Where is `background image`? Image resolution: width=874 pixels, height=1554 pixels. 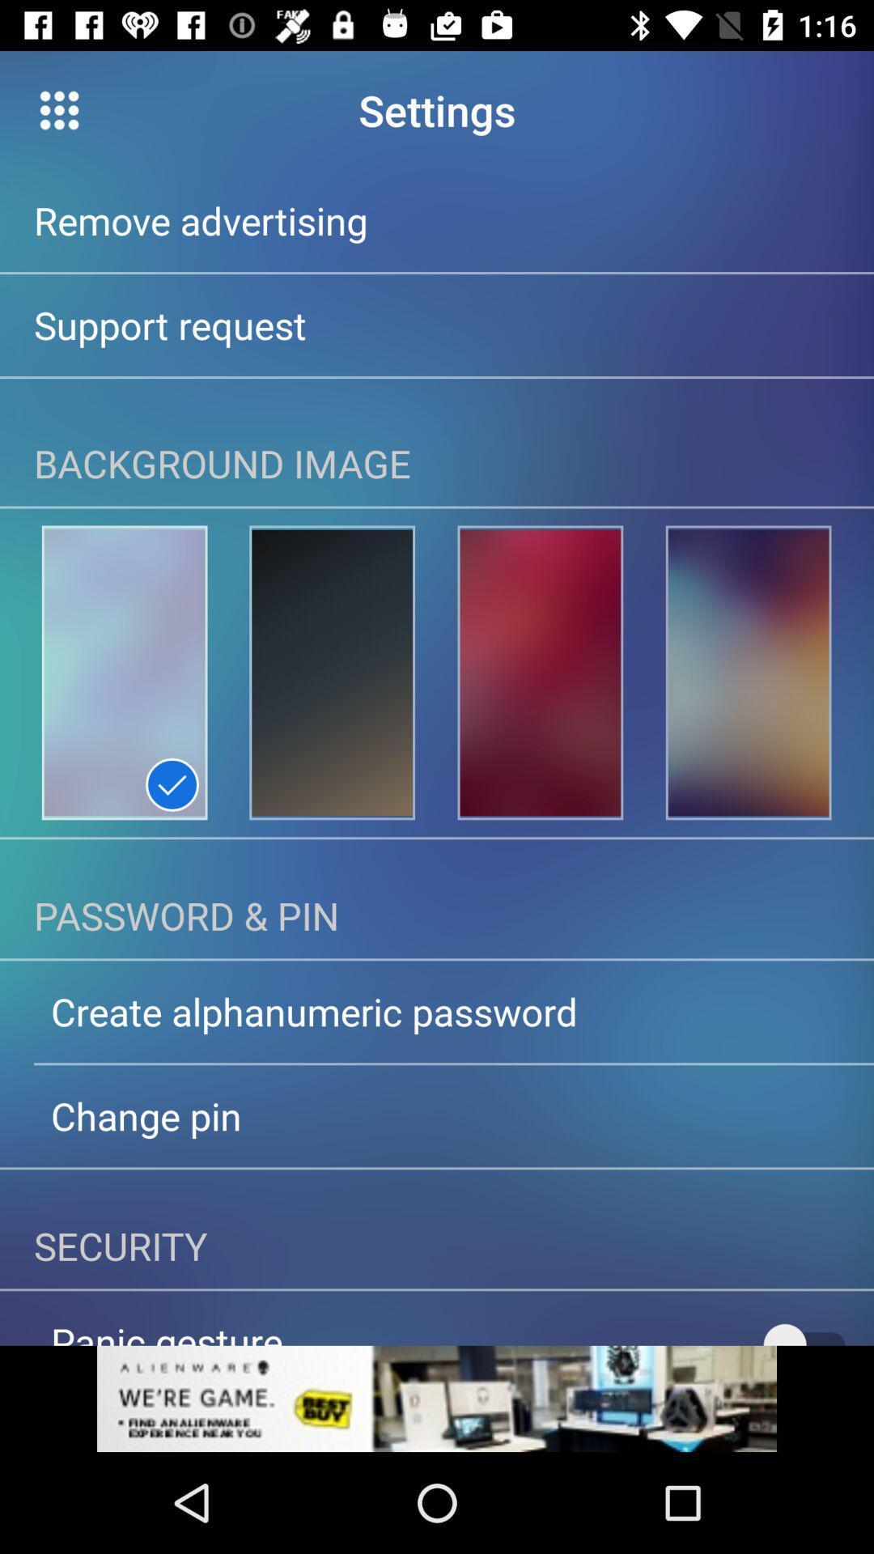
background image is located at coordinates (749, 673).